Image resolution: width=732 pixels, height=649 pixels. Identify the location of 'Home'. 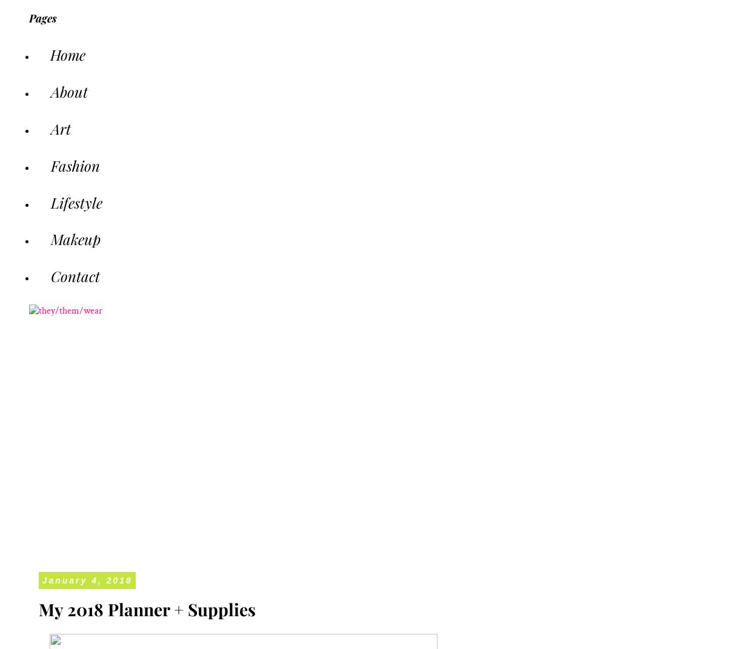
(49, 53).